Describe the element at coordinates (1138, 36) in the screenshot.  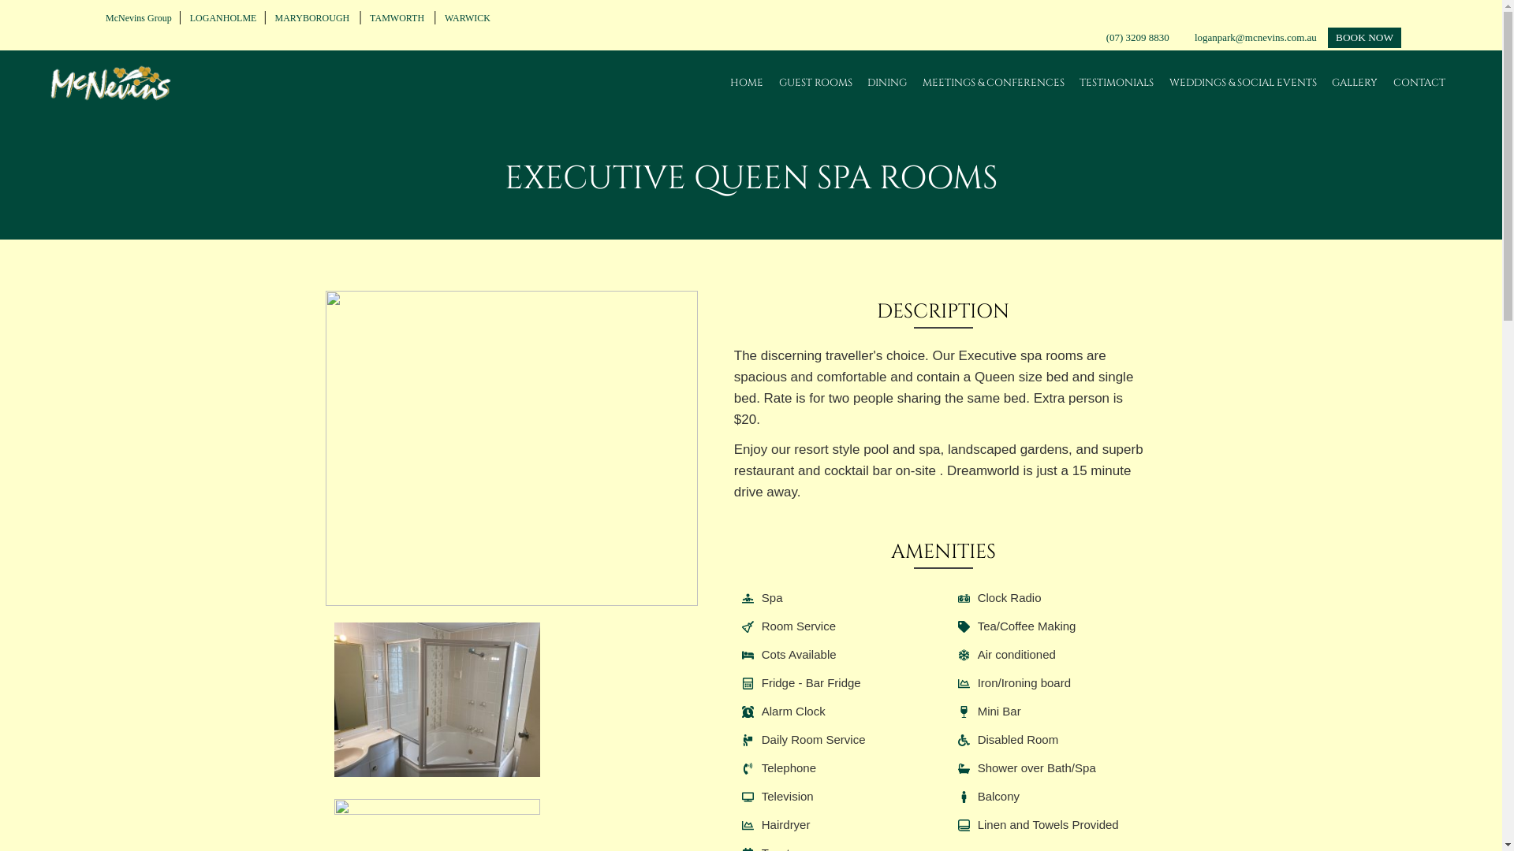
I see `'(07) 3209 8830'` at that location.